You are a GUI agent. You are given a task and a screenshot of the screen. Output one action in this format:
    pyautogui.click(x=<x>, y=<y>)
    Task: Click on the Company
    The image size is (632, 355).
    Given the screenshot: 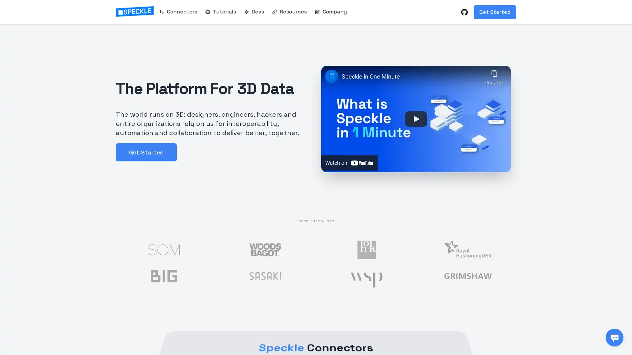 What is the action you would take?
    pyautogui.click(x=330, y=11)
    